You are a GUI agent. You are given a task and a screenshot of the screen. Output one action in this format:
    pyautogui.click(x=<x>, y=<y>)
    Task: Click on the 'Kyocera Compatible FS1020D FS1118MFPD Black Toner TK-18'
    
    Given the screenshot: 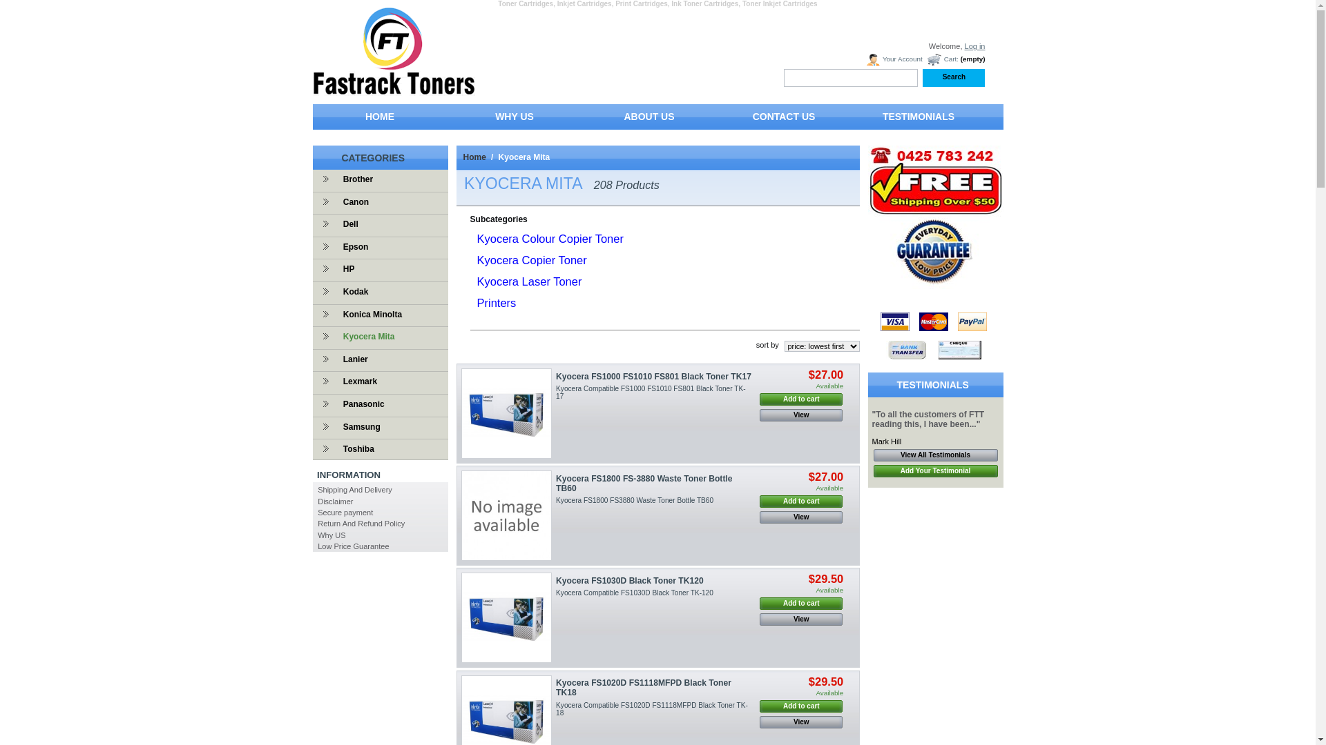 What is the action you would take?
    pyautogui.click(x=651, y=708)
    